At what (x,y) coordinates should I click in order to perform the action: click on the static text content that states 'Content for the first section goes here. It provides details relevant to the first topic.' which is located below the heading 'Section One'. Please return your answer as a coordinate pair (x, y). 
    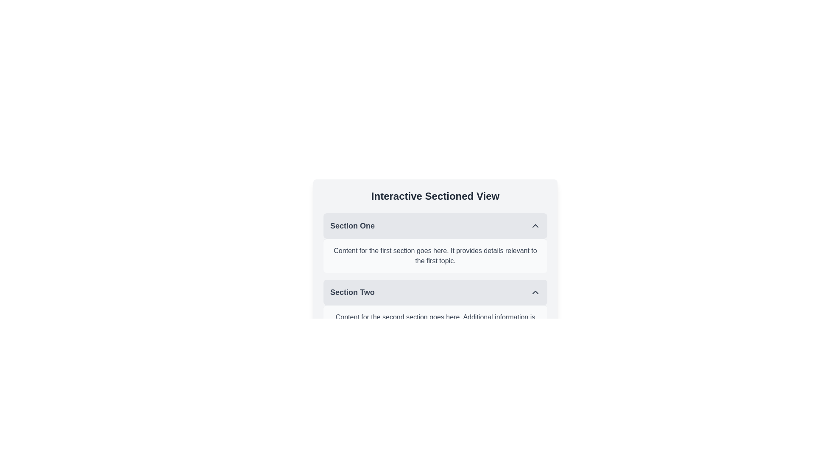
    Looking at the image, I should click on (435, 256).